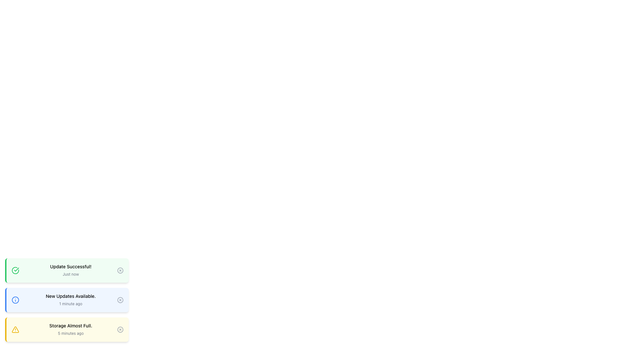 The image size is (618, 347). What do you see at coordinates (15, 270) in the screenshot?
I see `the green circular icon with a checkmark located at the top-left corner of the notification card that says 'Update Successful!'` at bounding box center [15, 270].